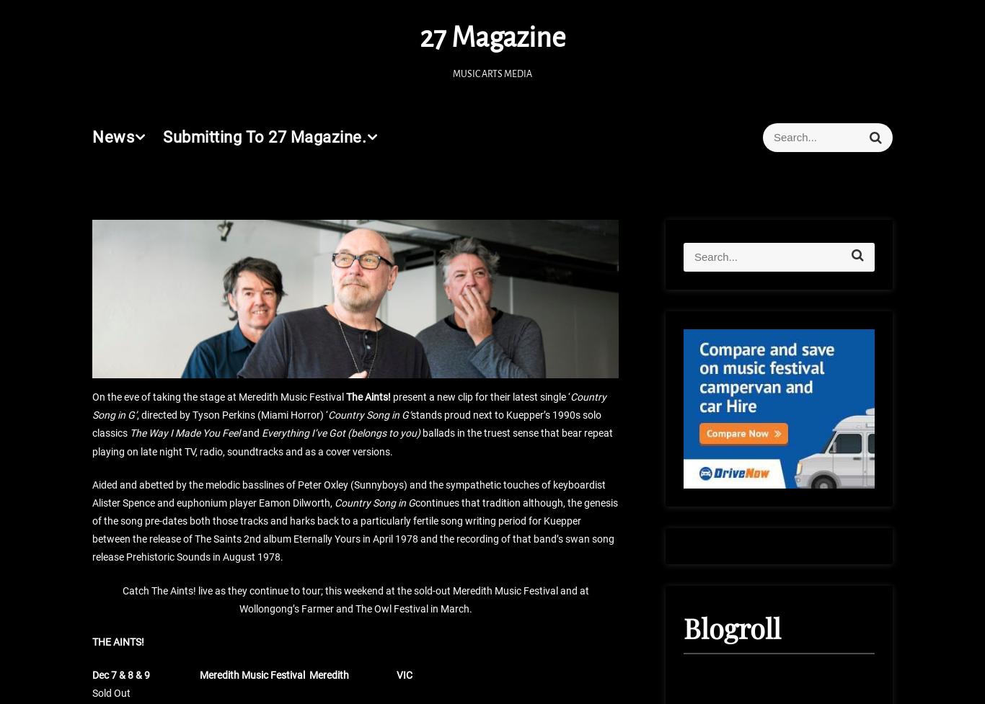 The image size is (985, 704). Describe the element at coordinates (203, 39) in the screenshot. I see `'My Dream Rider: Mikey Mike'` at that location.